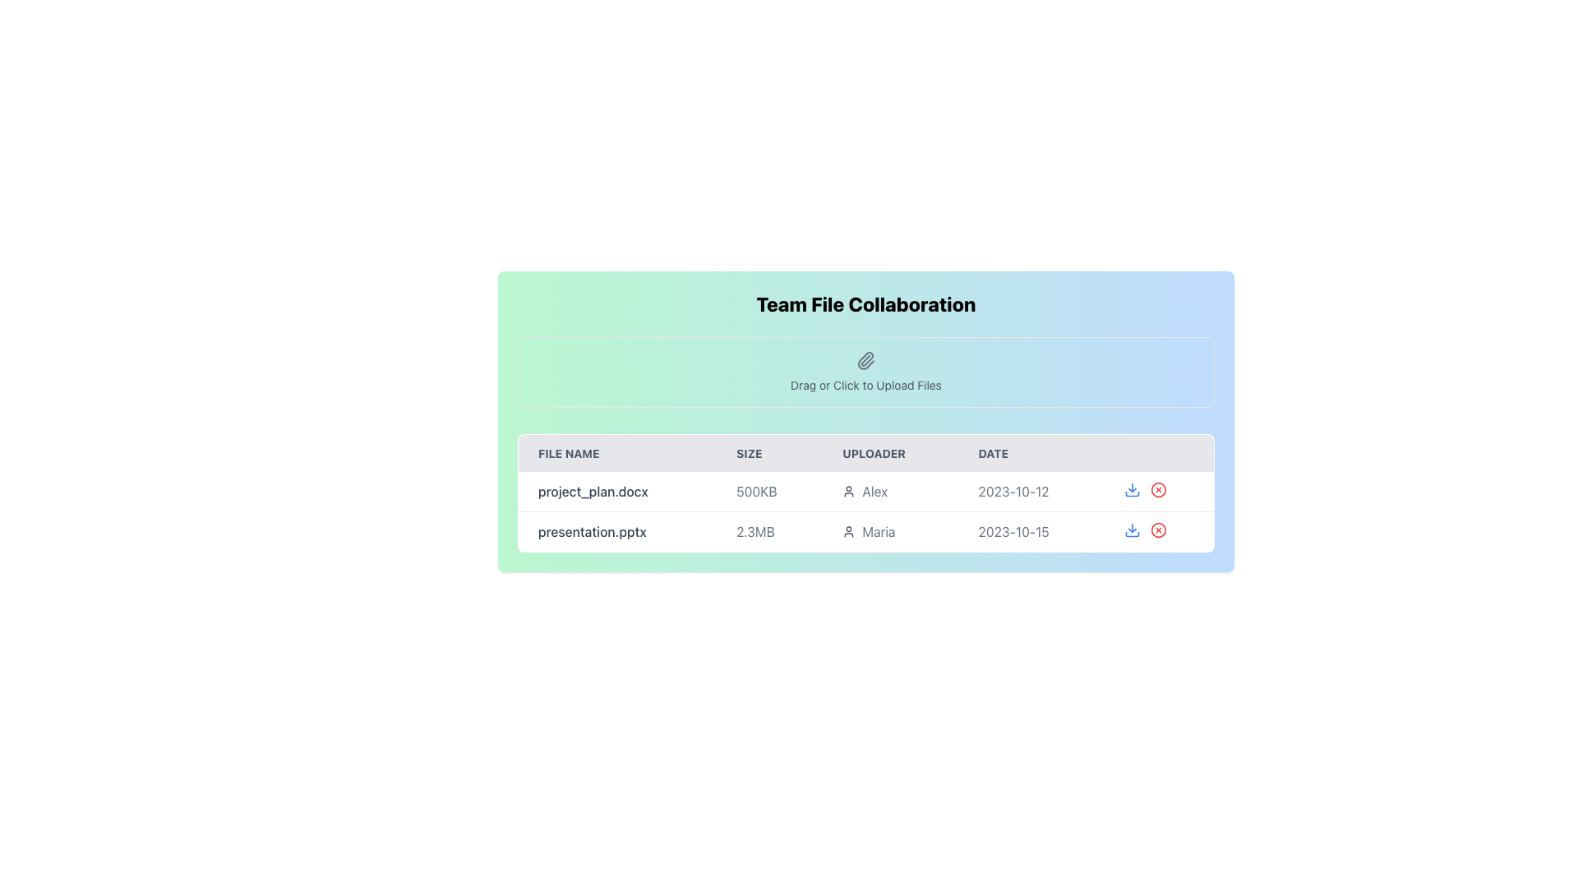  What do you see at coordinates (865, 532) in the screenshot?
I see `the File row entry` at bounding box center [865, 532].